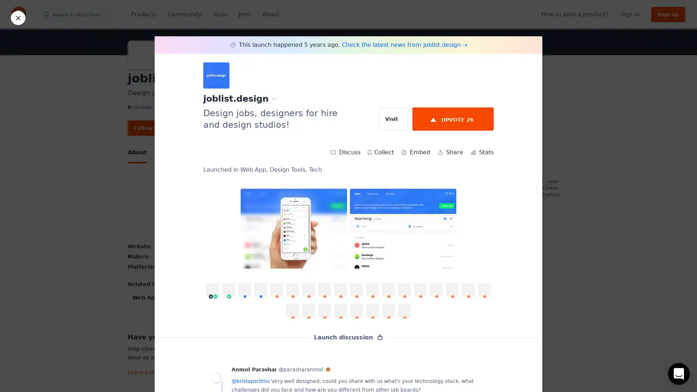 The width and height of the screenshot is (697, 392). Describe the element at coordinates (322, 207) in the screenshot. I see `joblist.design image` at that location.